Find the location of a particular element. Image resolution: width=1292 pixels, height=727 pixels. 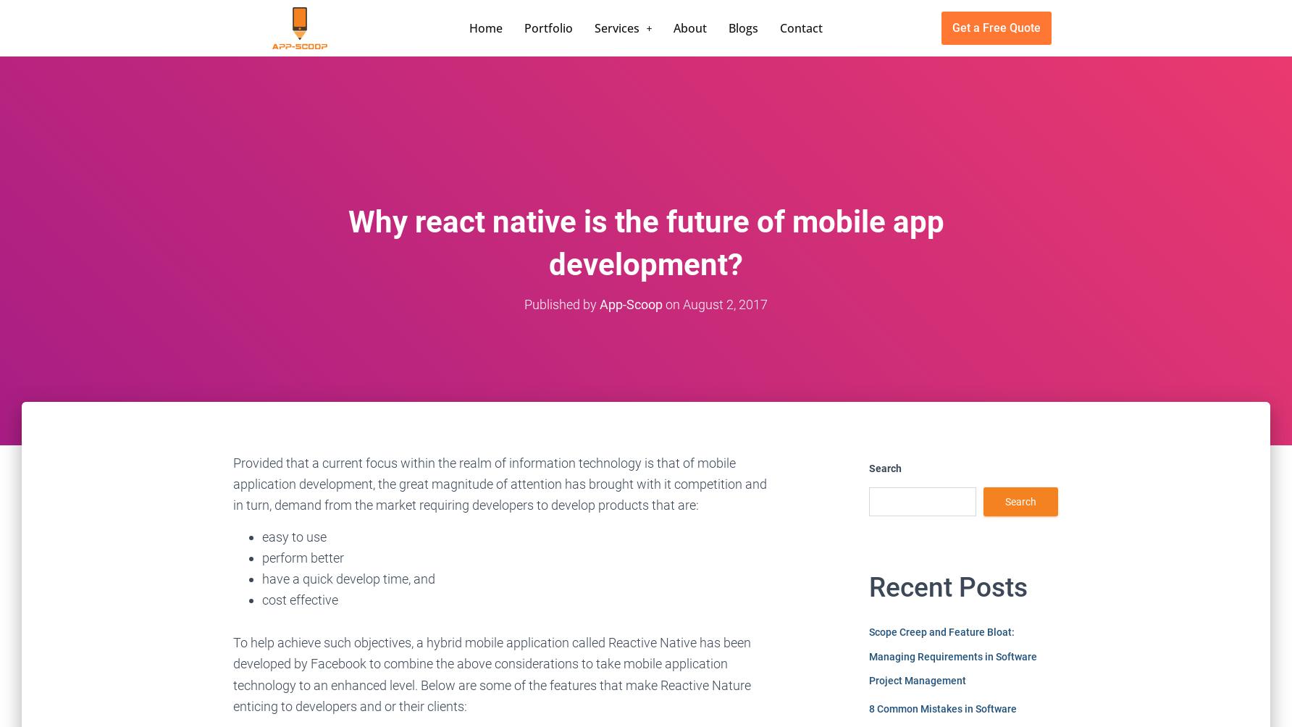

'App-Scoop' is located at coordinates (630, 303).